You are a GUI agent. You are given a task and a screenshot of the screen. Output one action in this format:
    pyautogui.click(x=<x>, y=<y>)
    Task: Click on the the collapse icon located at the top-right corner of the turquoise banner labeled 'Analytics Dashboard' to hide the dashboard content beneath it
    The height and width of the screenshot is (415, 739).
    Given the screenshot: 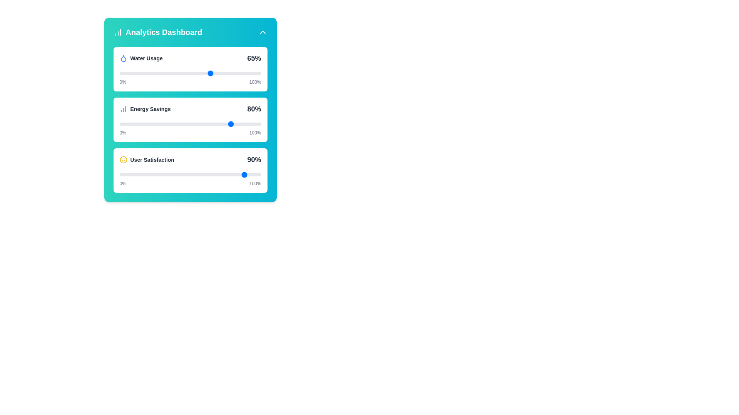 What is the action you would take?
    pyautogui.click(x=262, y=32)
    